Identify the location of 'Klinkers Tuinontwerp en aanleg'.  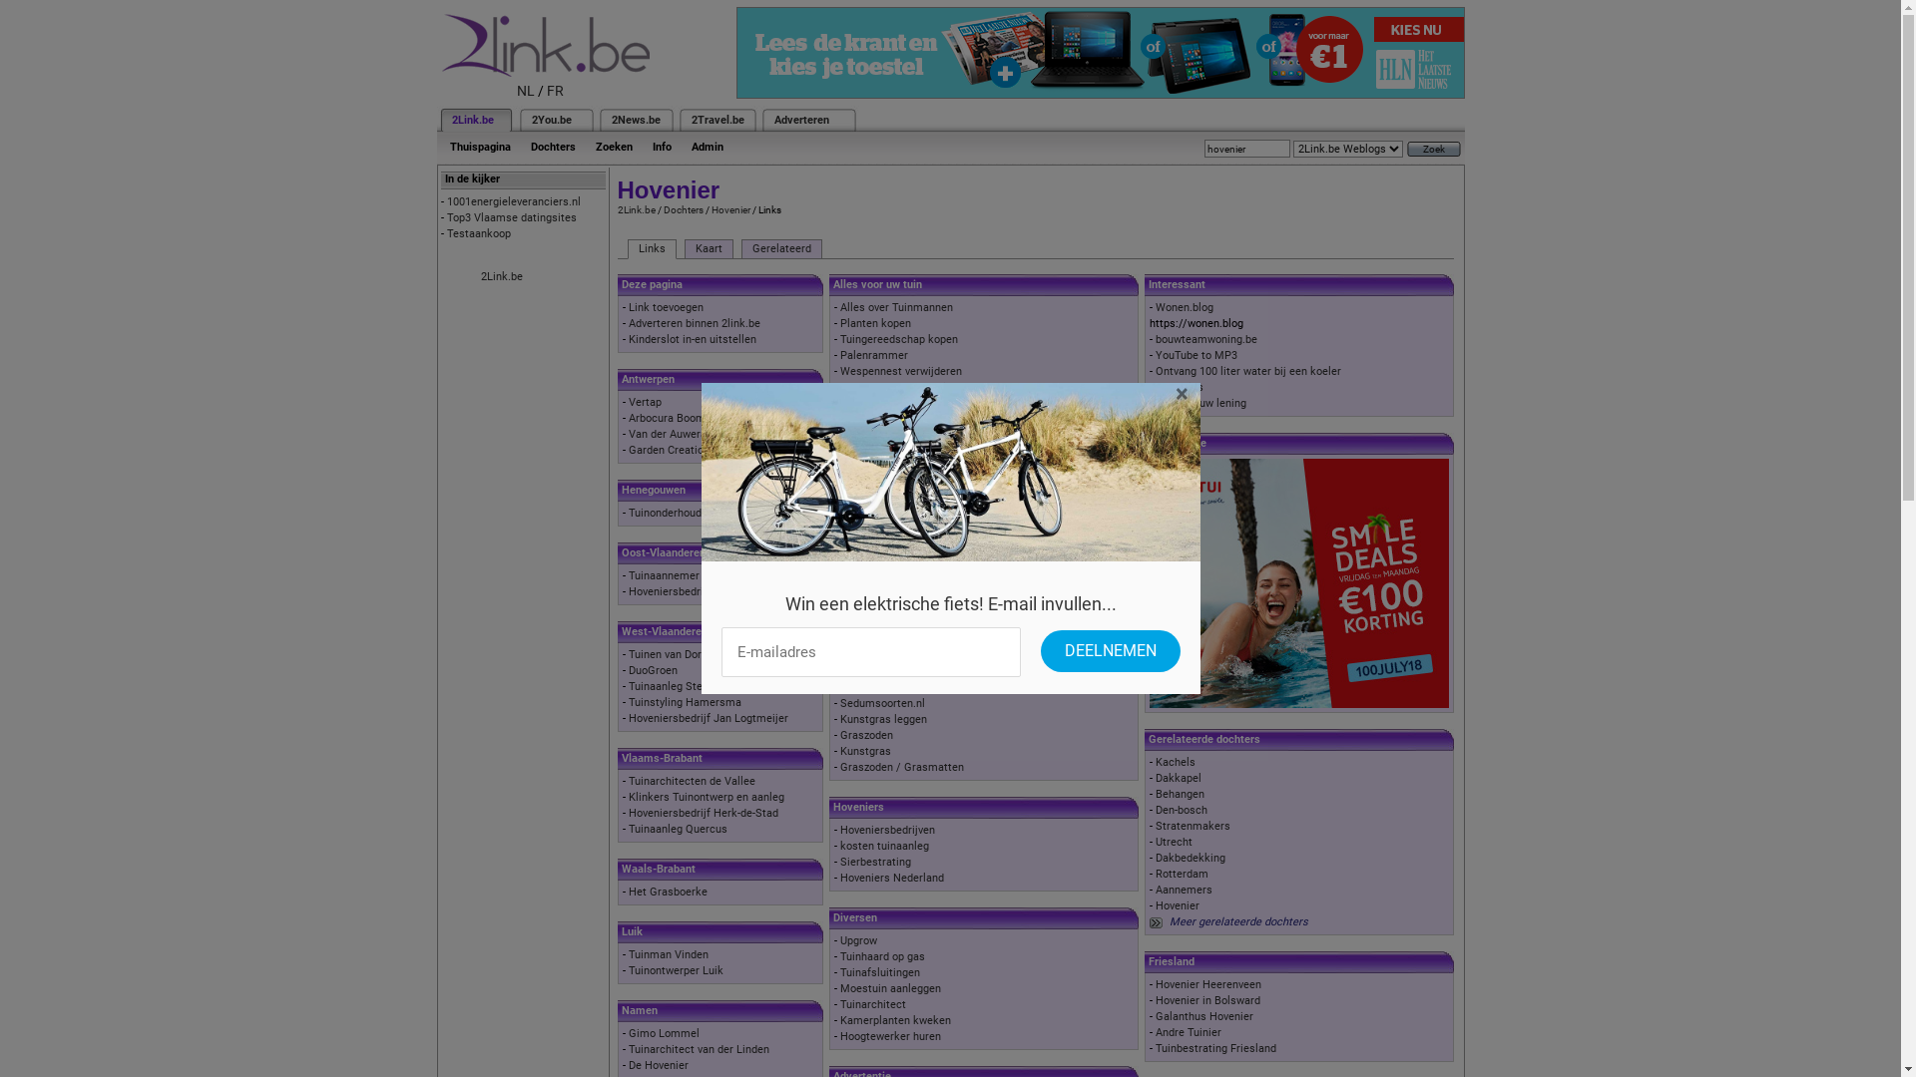
(707, 796).